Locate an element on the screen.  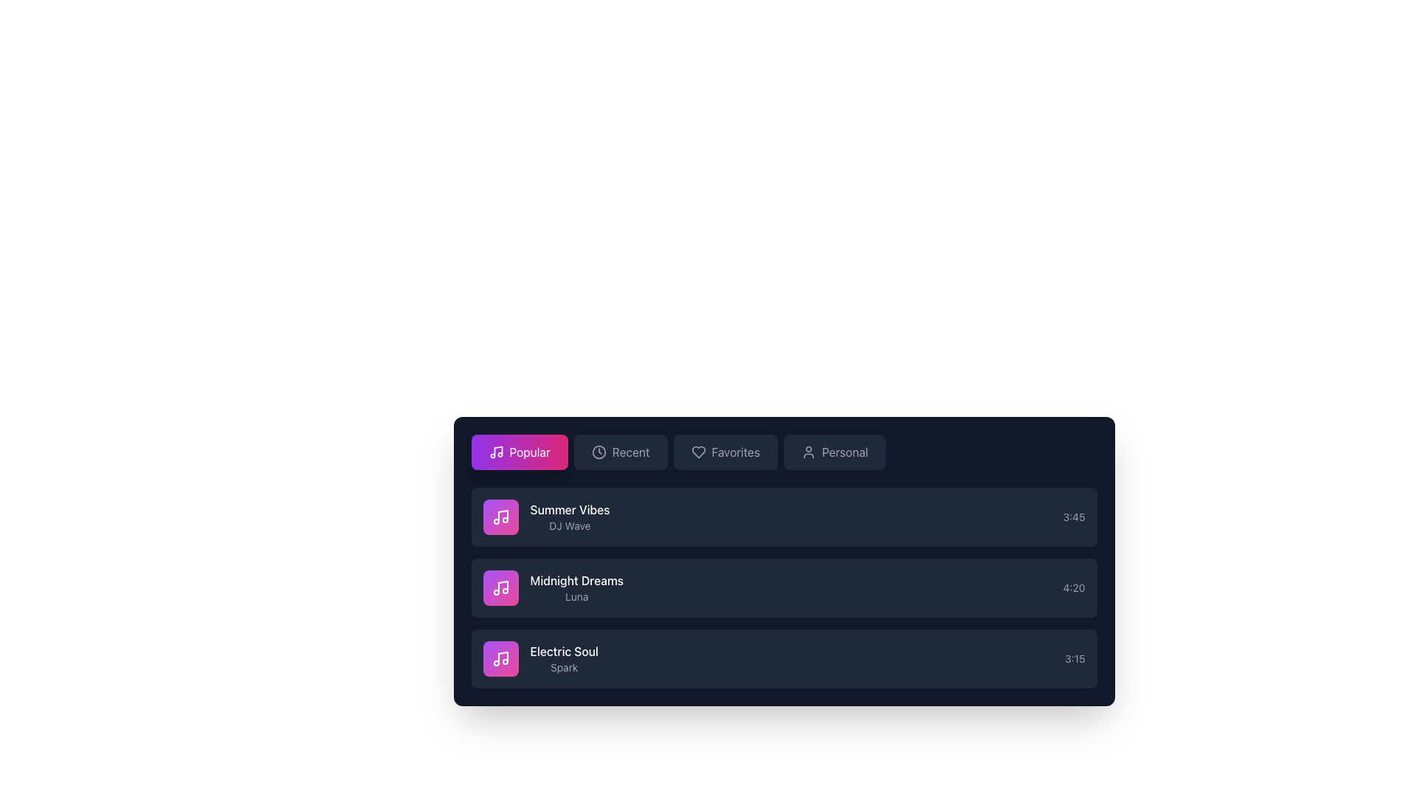
the informational text label providing additional context for the entry 'Electric Soul', located under the bold text and next to a pink music icon is located at coordinates (563, 668).